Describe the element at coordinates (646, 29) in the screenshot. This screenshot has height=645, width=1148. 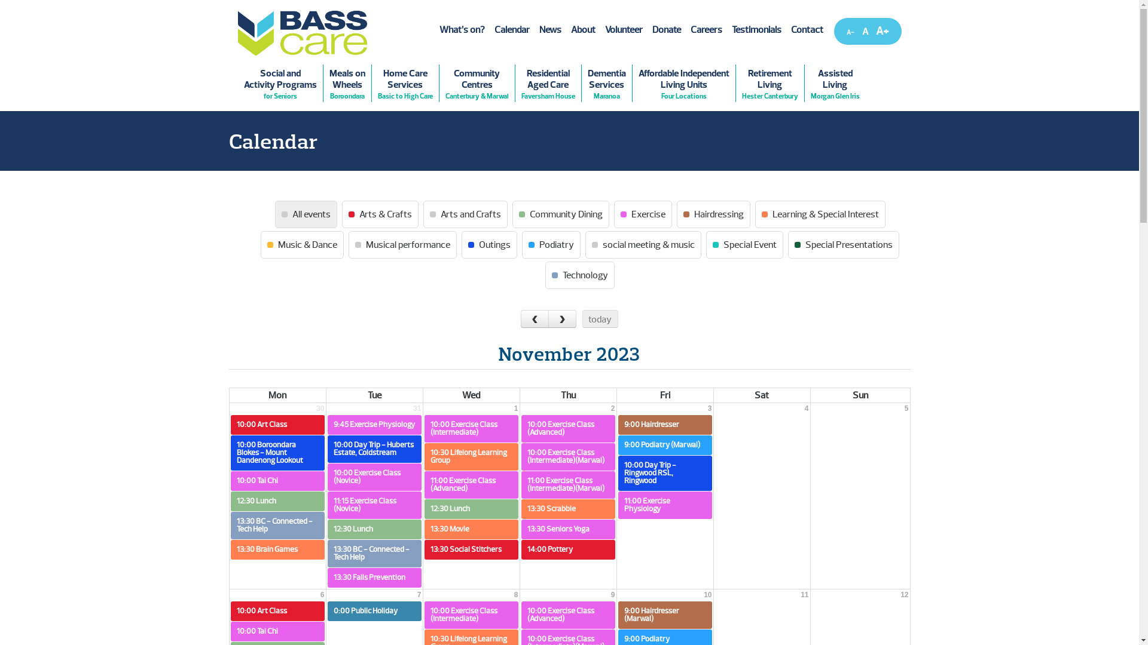
I see `'Donate'` at that location.